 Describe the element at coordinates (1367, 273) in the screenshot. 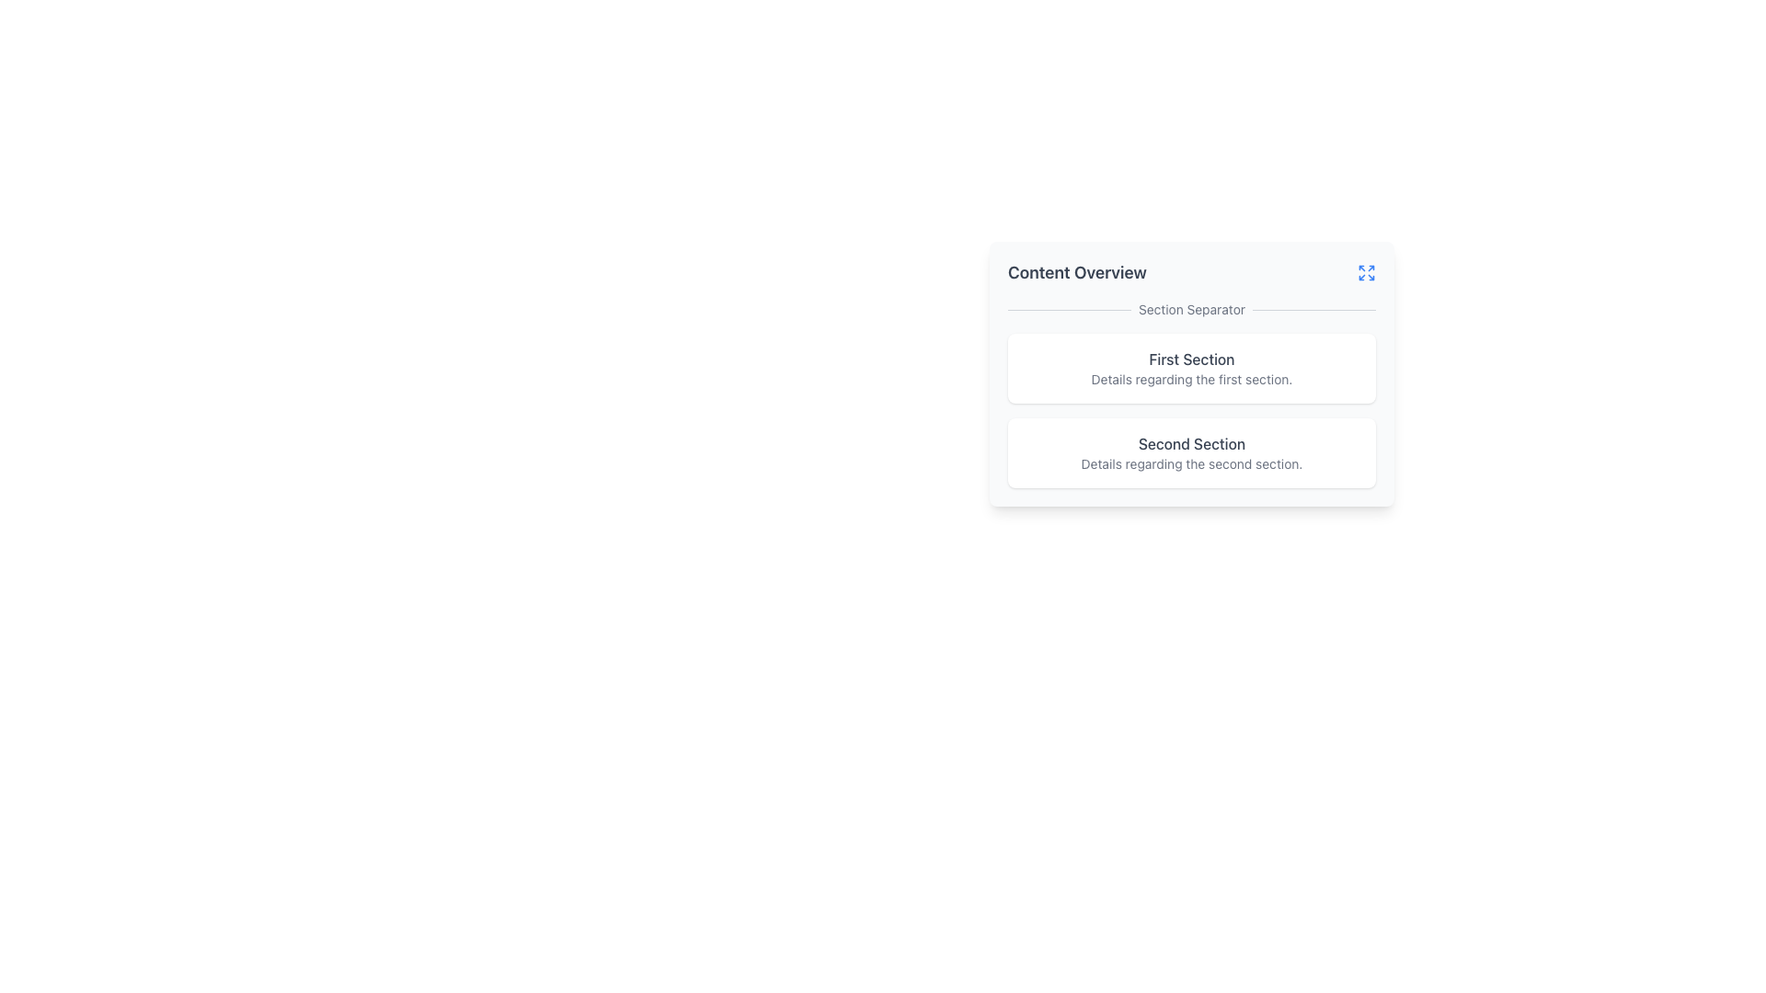

I see `the blue icon resembling a four-arrow expansion symbol located in the top-right corner of the 'Content Overview' section` at that location.